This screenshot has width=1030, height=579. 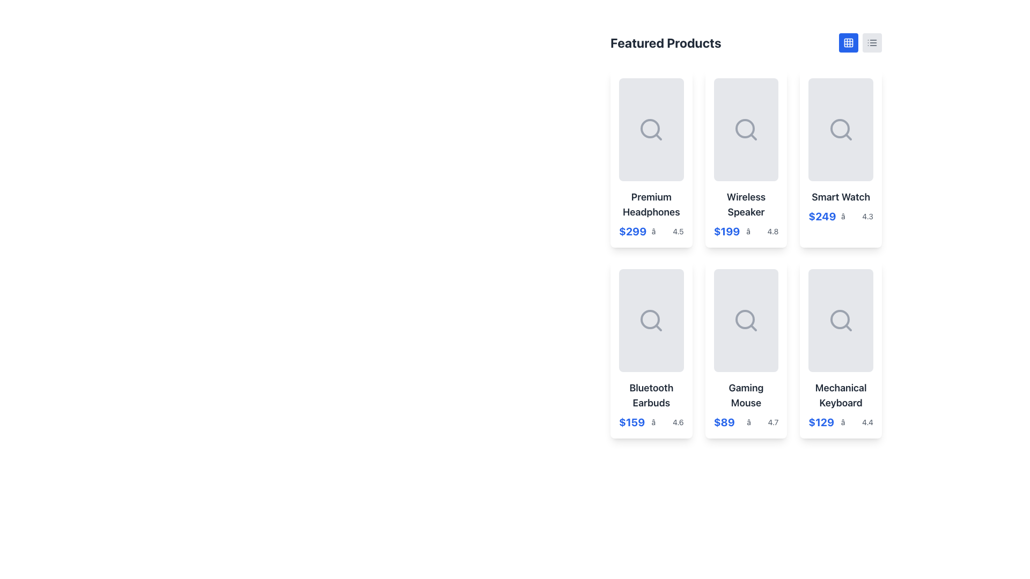 What do you see at coordinates (744, 319) in the screenshot?
I see `the circular outline of the magnifying glass symbol in the 'Gaming Mouse' product card` at bounding box center [744, 319].